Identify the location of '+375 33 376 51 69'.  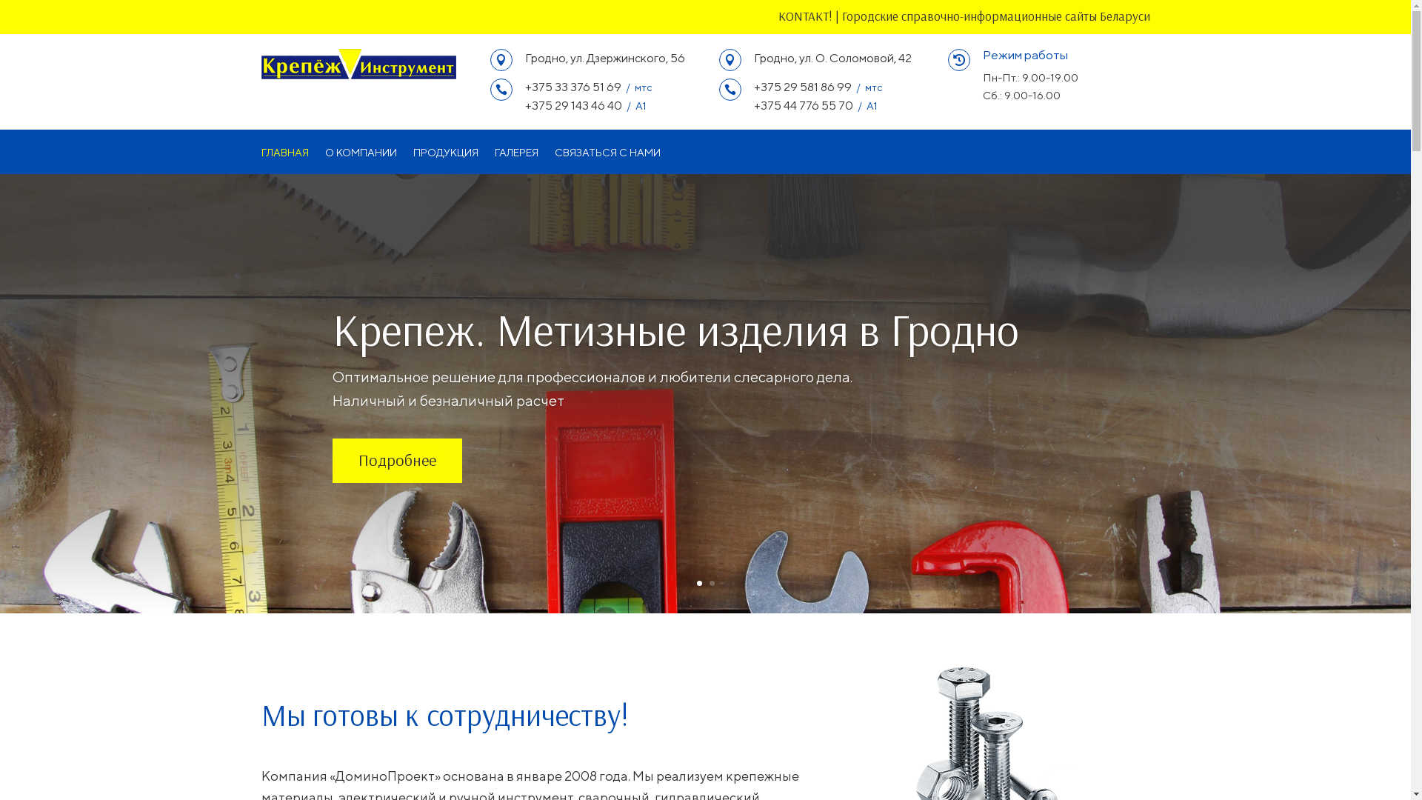
(571, 87).